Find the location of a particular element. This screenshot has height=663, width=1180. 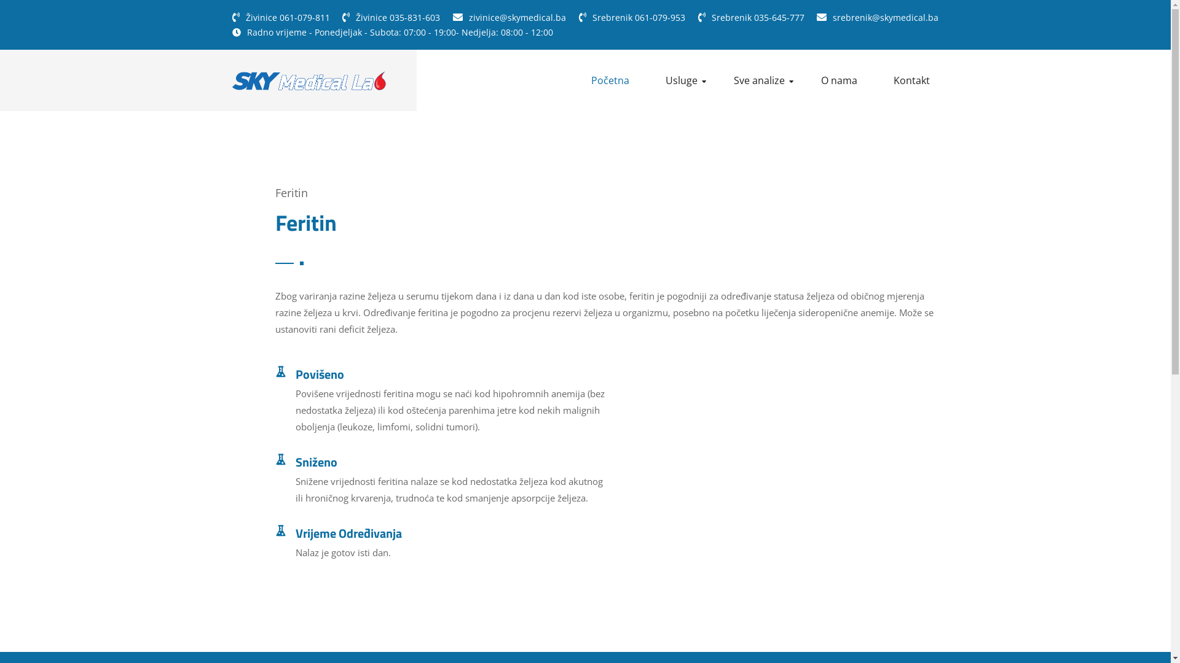

'Usluge' is located at coordinates (685, 80).